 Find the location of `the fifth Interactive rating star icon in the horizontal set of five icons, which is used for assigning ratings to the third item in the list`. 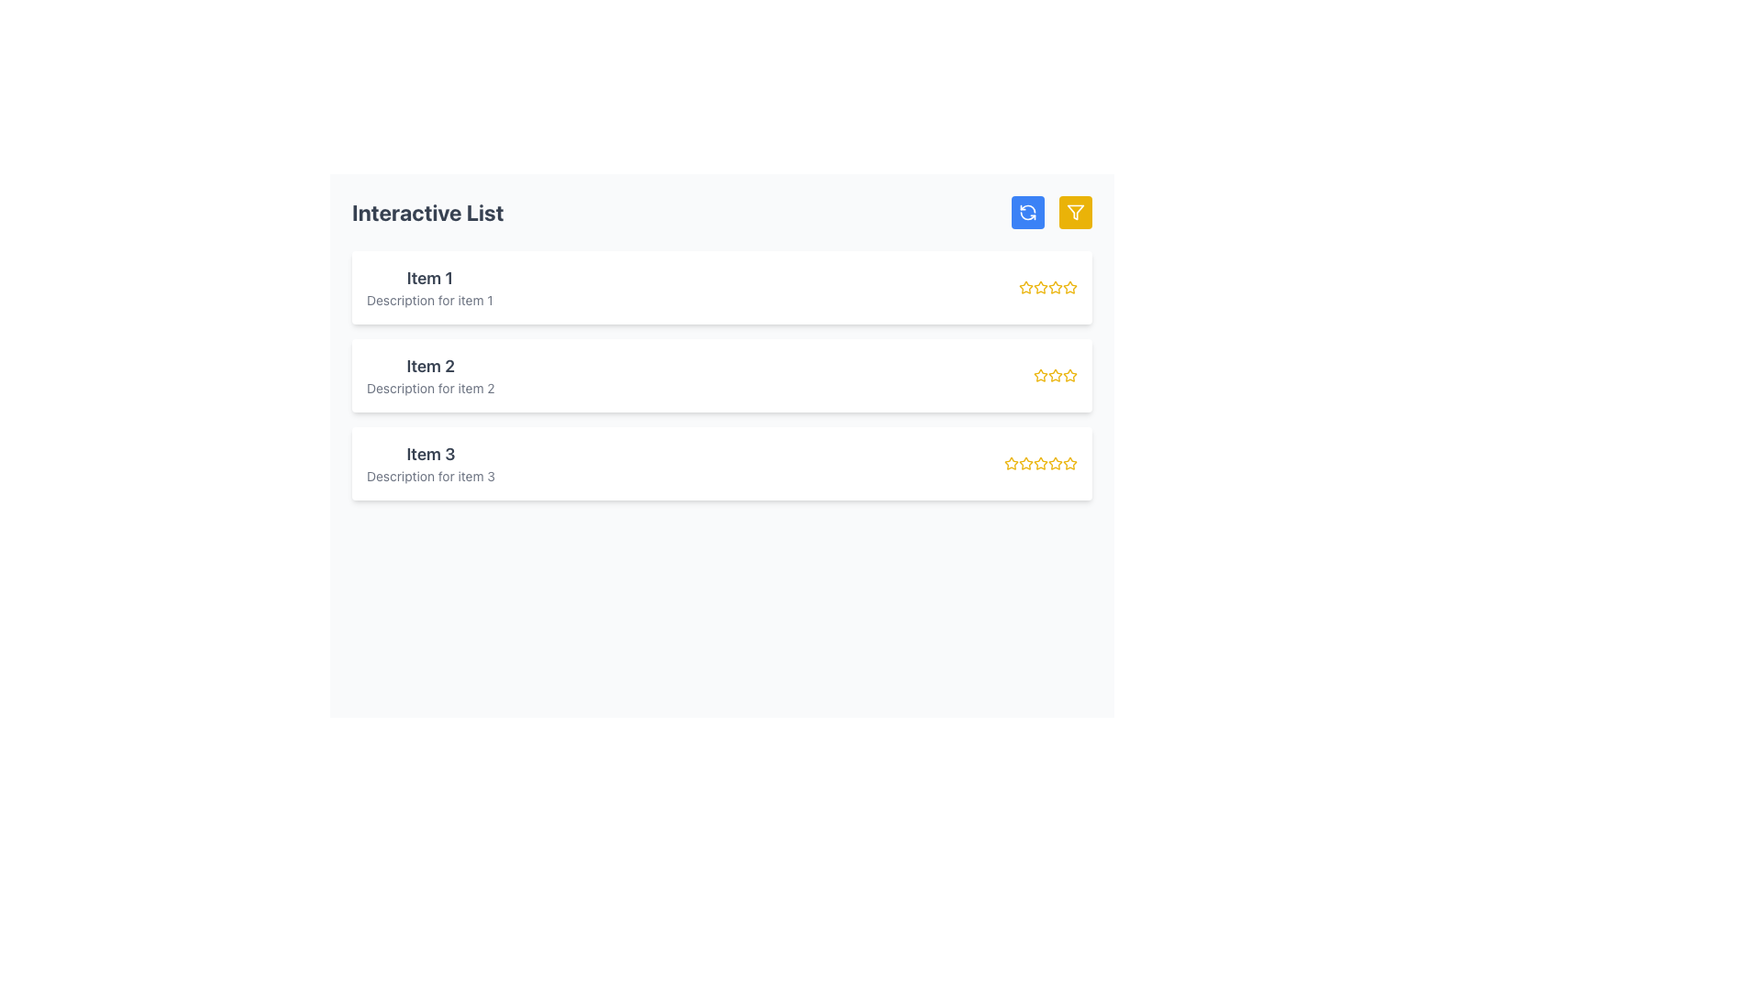

the fifth Interactive rating star icon in the horizontal set of five icons, which is used for assigning ratings to the third item in the list is located at coordinates (1069, 462).